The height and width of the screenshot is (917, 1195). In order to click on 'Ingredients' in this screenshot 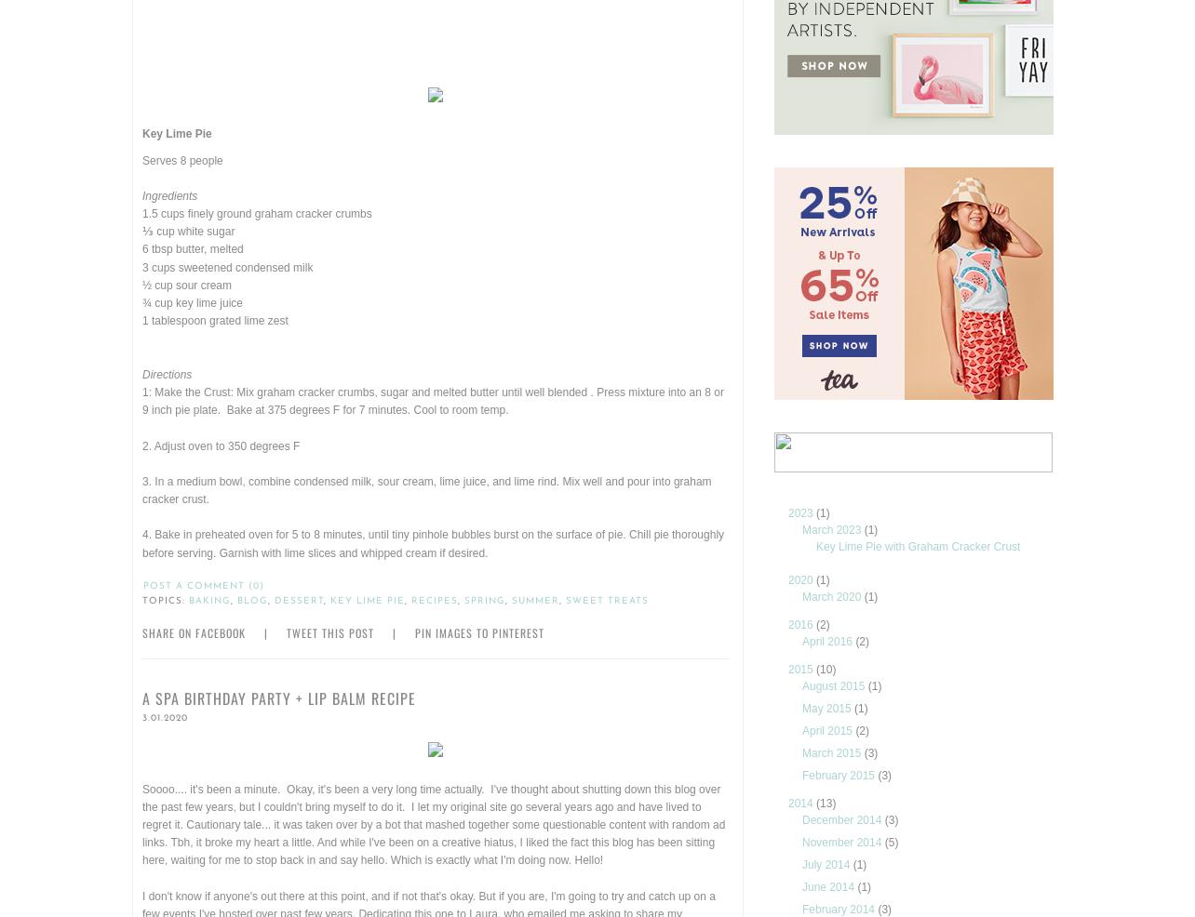, I will do `click(168, 194)`.